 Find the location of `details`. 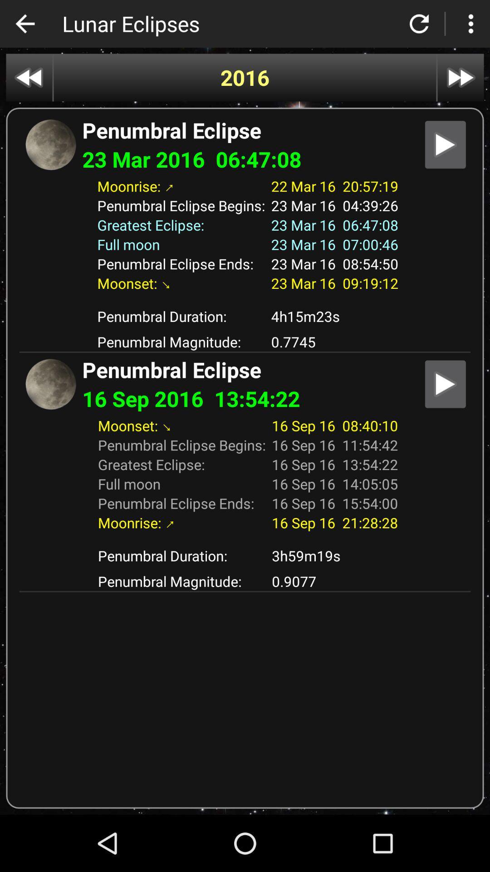

details is located at coordinates (445, 144).